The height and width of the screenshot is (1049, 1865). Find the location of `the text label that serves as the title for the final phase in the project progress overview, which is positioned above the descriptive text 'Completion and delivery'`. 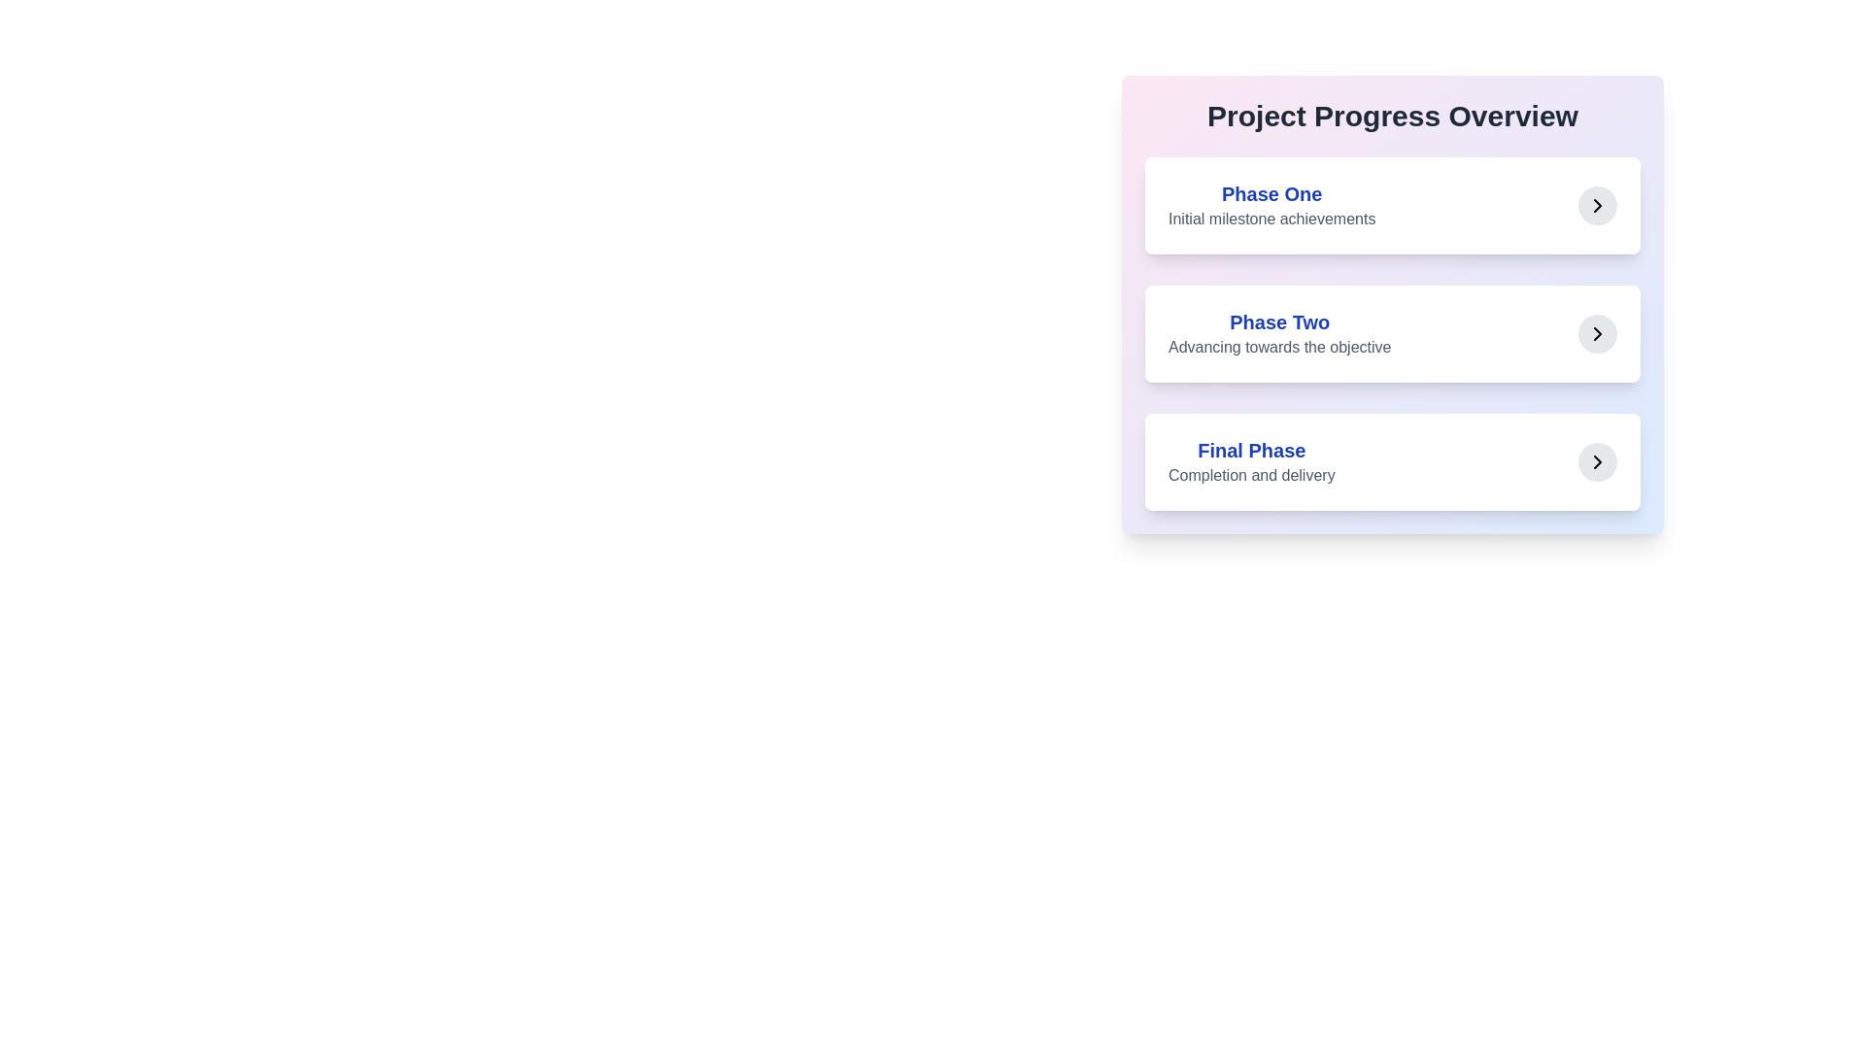

the text label that serves as the title for the final phase in the project progress overview, which is positioned above the descriptive text 'Completion and delivery' is located at coordinates (1251, 450).